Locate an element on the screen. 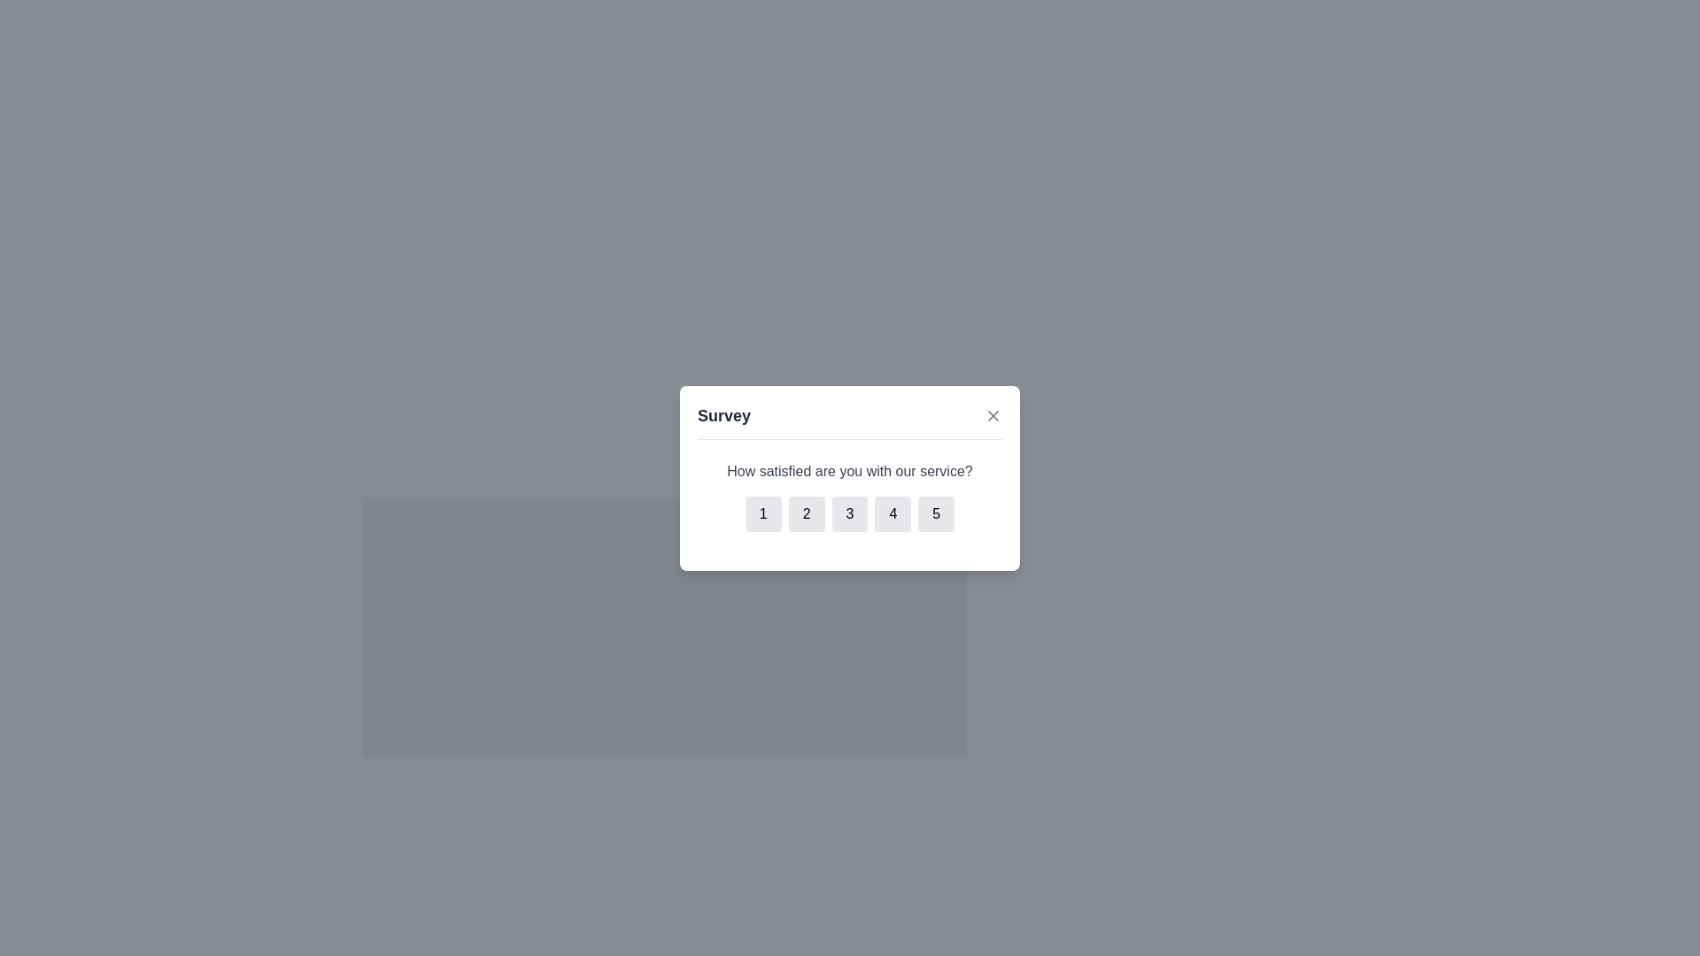 The width and height of the screenshot is (1700, 956). the satisfaction rating button labeled '2' located in the survey interface below the question, 'How satisfied are you with our service?' is located at coordinates (806, 513).